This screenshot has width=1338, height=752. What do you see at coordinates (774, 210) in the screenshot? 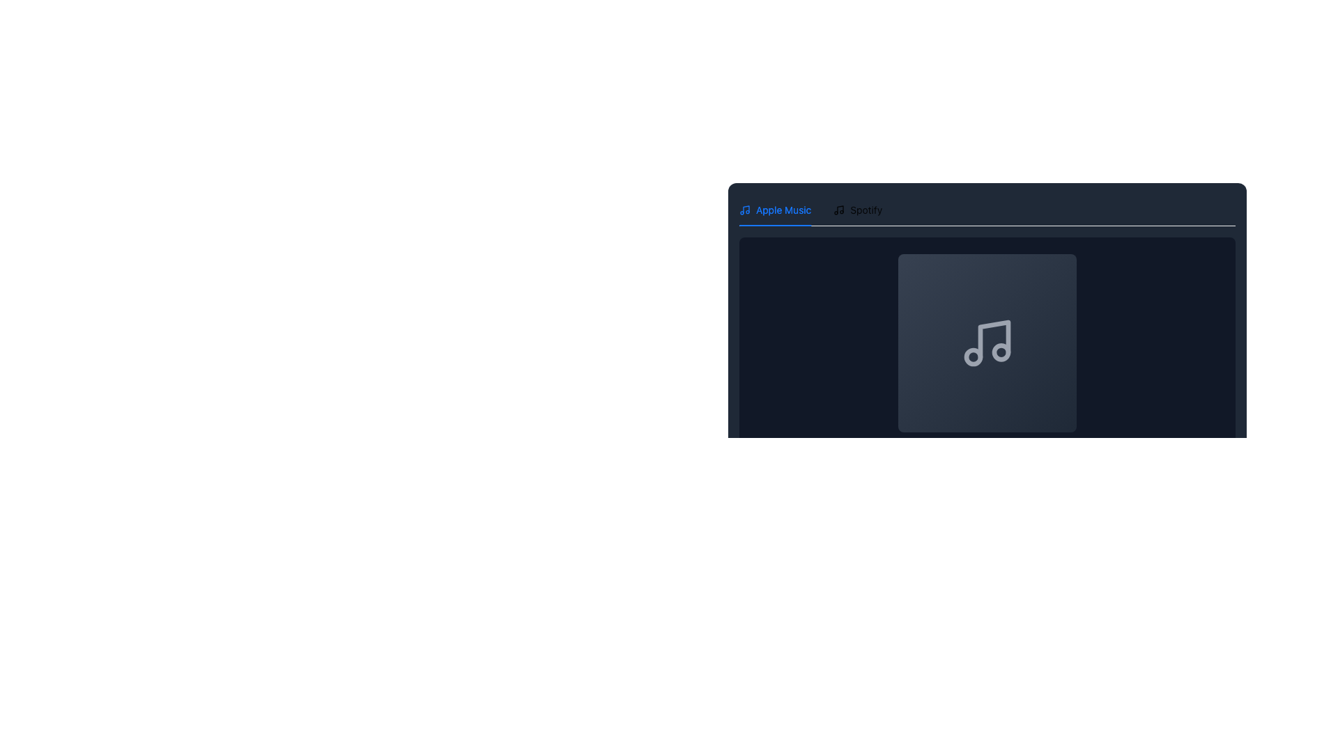
I see `the 'Apple Music' button, which displays the text 'Apple Music' and a musical note icon, located in the upper-left side of the interface as the first tab in a horizontal navigation bar` at bounding box center [774, 210].